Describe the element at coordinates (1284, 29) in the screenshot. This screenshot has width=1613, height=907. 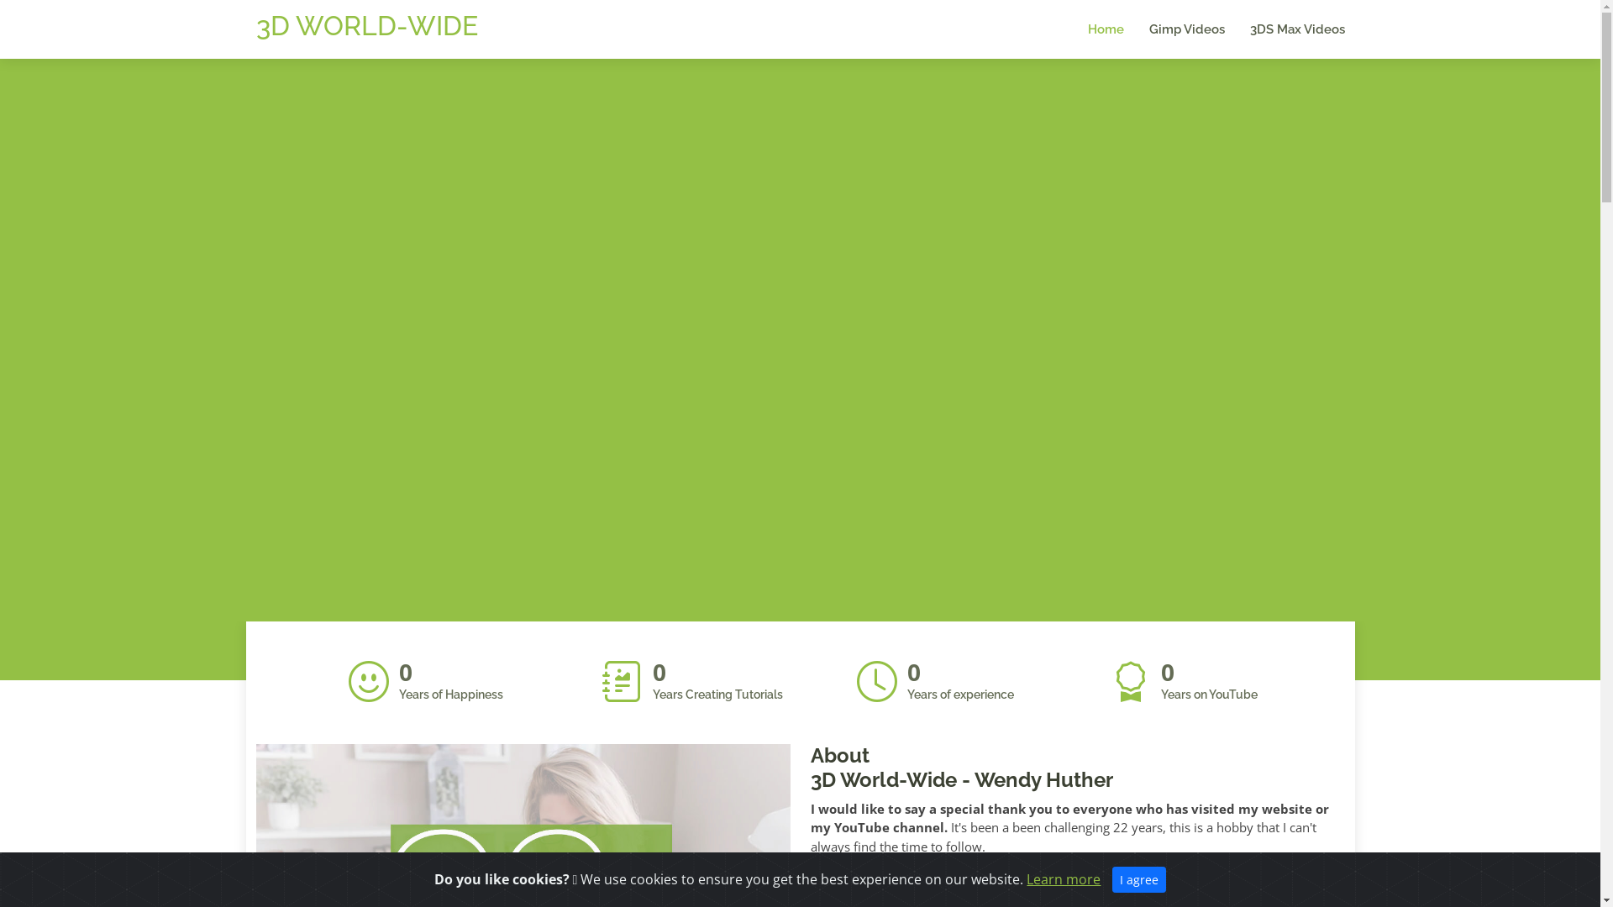
I see `'3DS Max Videos'` at that location.